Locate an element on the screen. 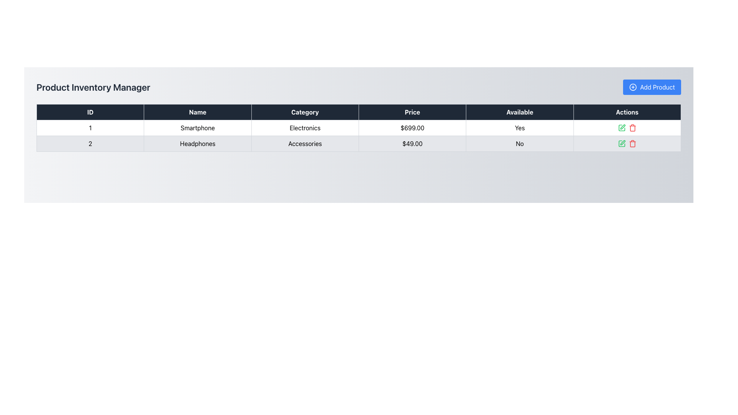 This screenshot has height=415, width=738. the edit icon button in the Actions column of the second row, which corresponds to the item 'Headphones' is located at coordinates (622, 144).